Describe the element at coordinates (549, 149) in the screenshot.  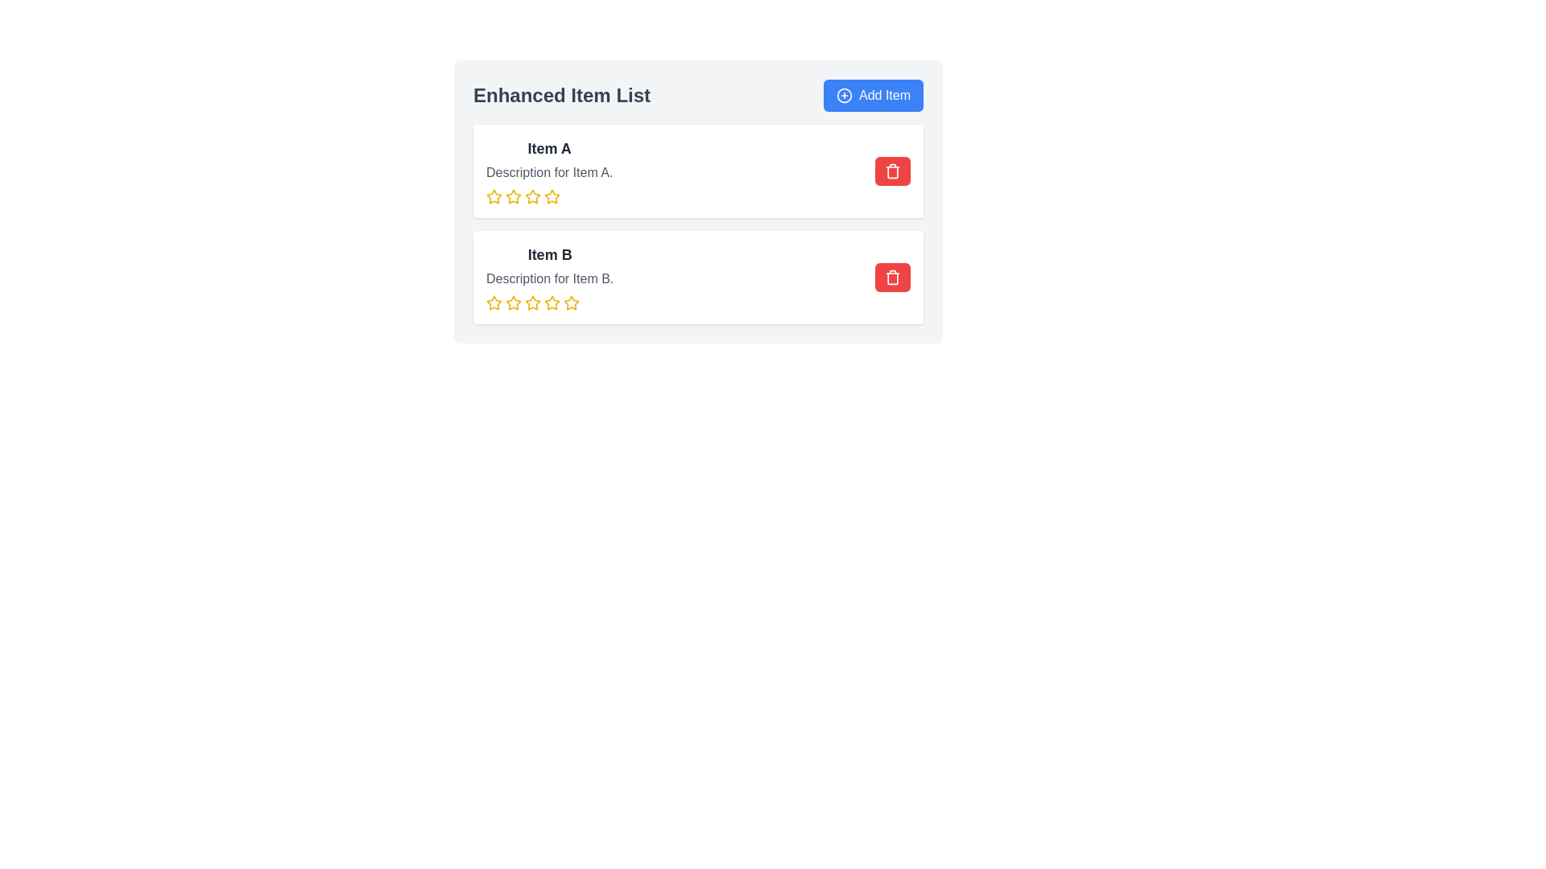
I see `the bold, large text 'Item A' located at the top of the first card within a list of items` at that location.